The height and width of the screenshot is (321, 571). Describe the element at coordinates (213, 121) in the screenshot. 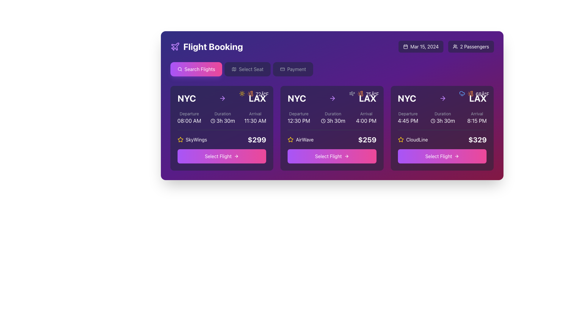

I see `the time icon located to the left of the '3h 30m' duration text on the first flight information card in the upper center area, near the 'Duration' label` at that location.